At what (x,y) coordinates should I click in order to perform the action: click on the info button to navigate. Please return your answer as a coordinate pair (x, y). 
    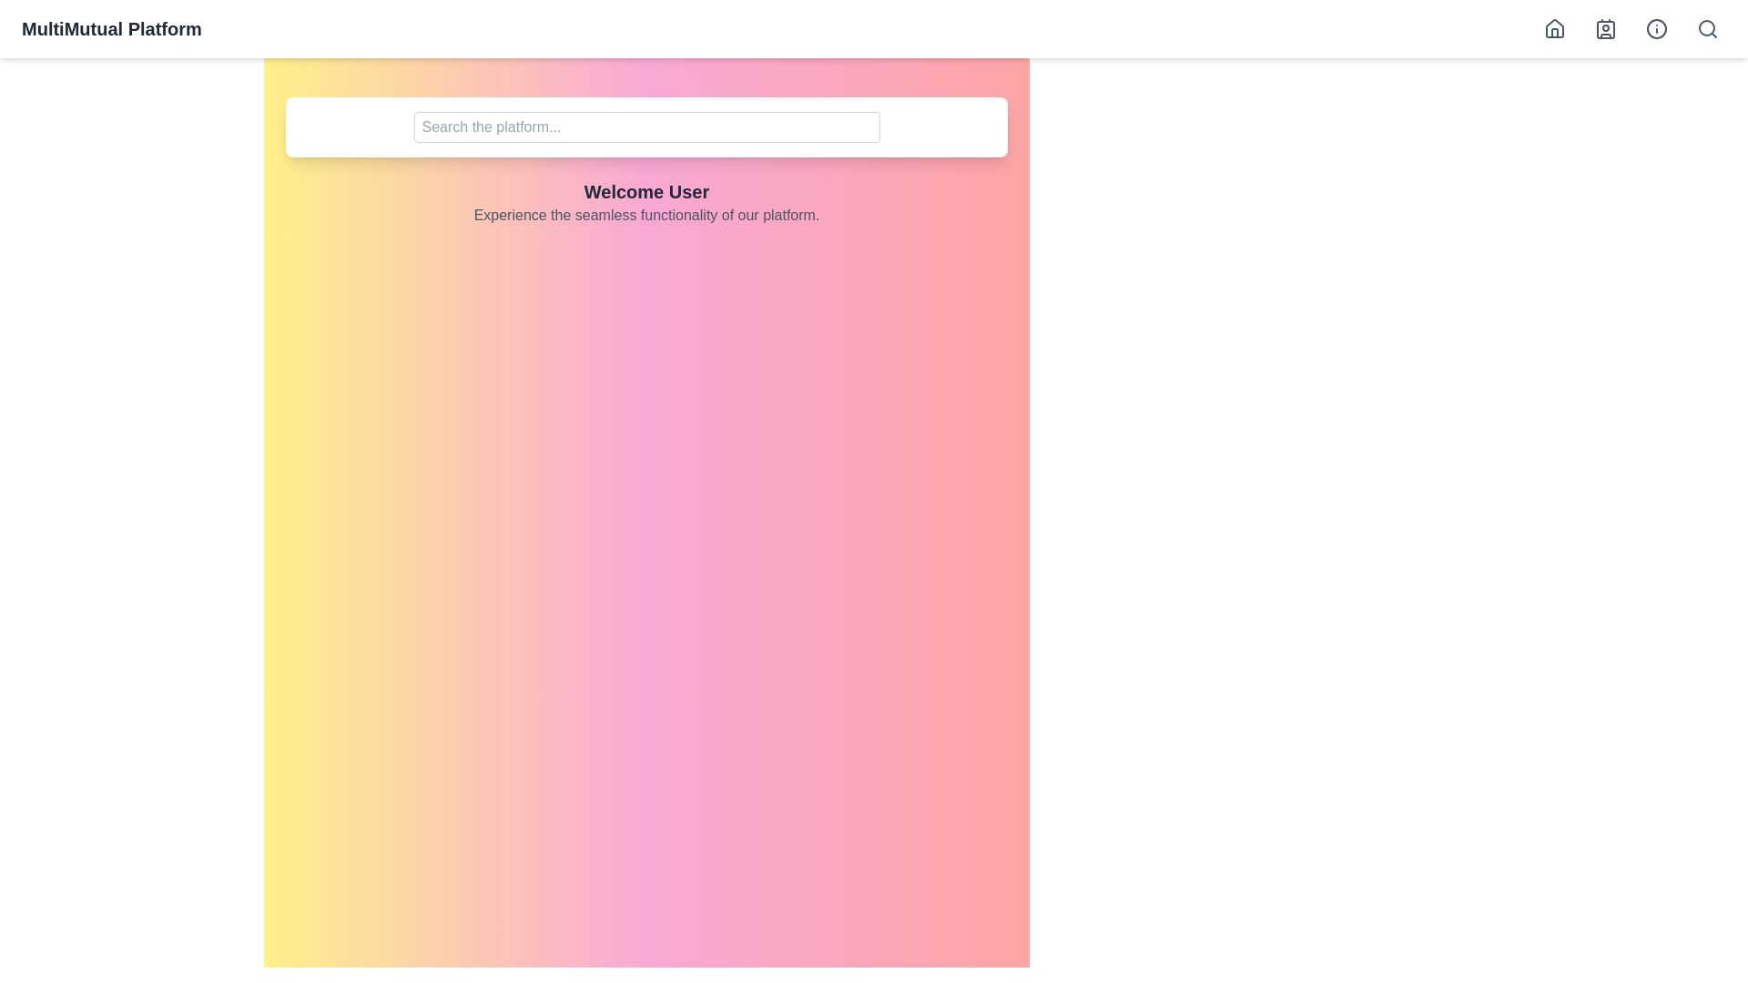
    Looking at the image, I should click on (1656, 28).